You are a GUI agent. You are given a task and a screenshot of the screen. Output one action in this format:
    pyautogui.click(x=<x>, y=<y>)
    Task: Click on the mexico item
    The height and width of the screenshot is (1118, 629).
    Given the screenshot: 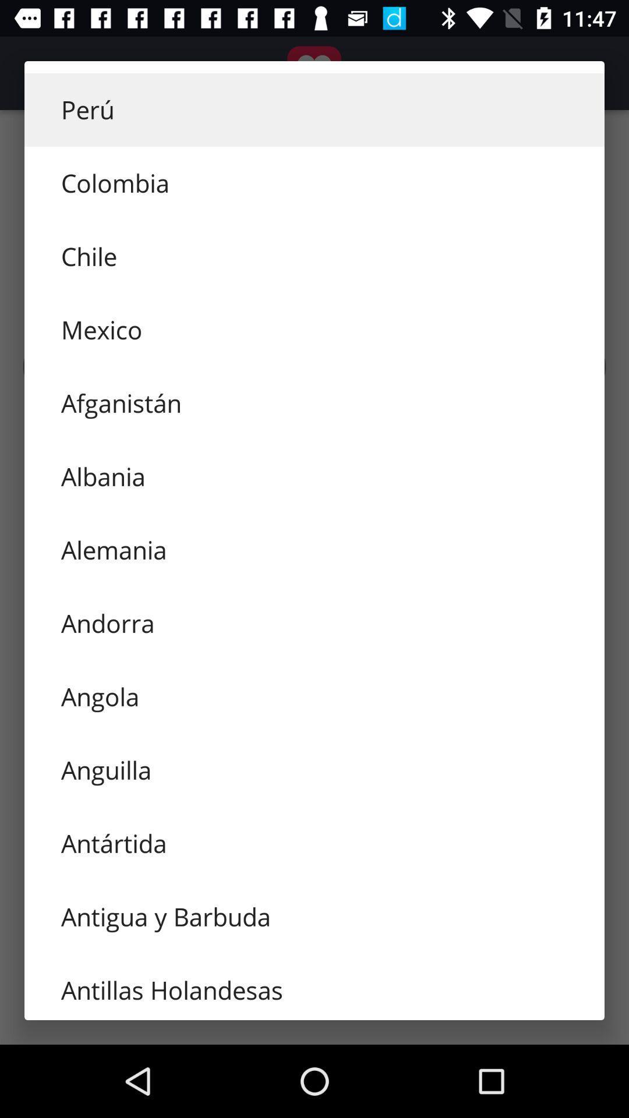 What is the action you would take?
    pyautogui.click(x=314, y=329)
    